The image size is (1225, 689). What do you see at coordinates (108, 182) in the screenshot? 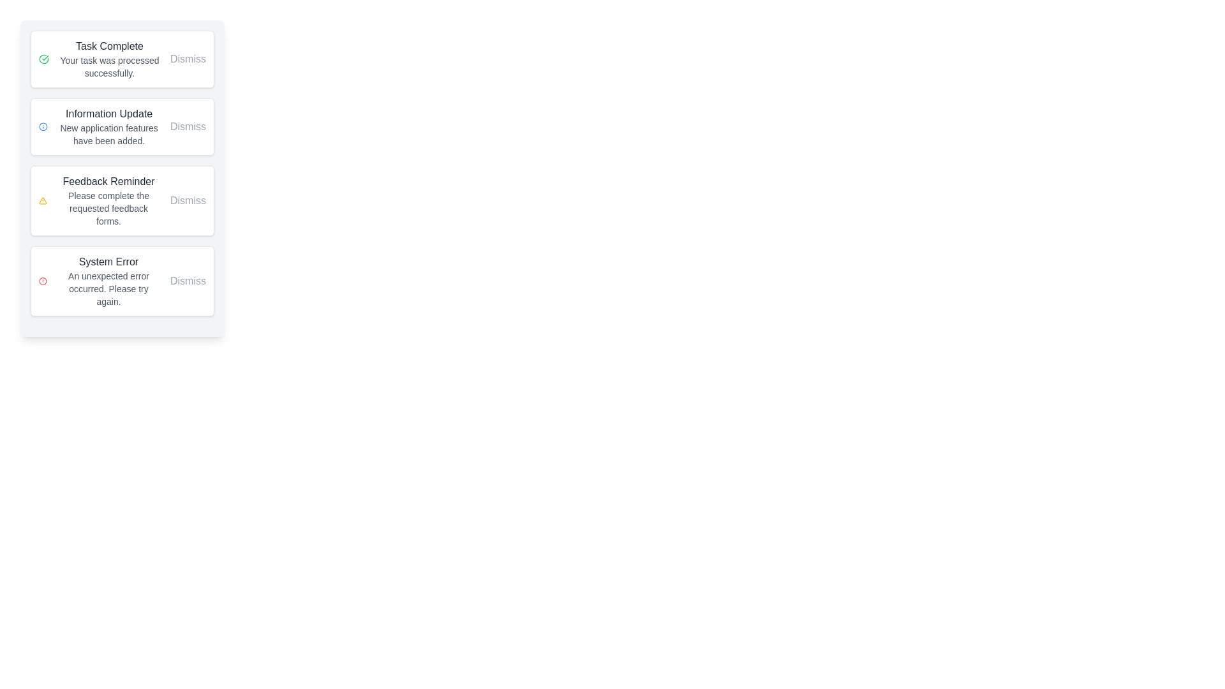
I see `the Text Header of the third notification box, which provides a summary for the notification message` at bounding box center [108, 182].